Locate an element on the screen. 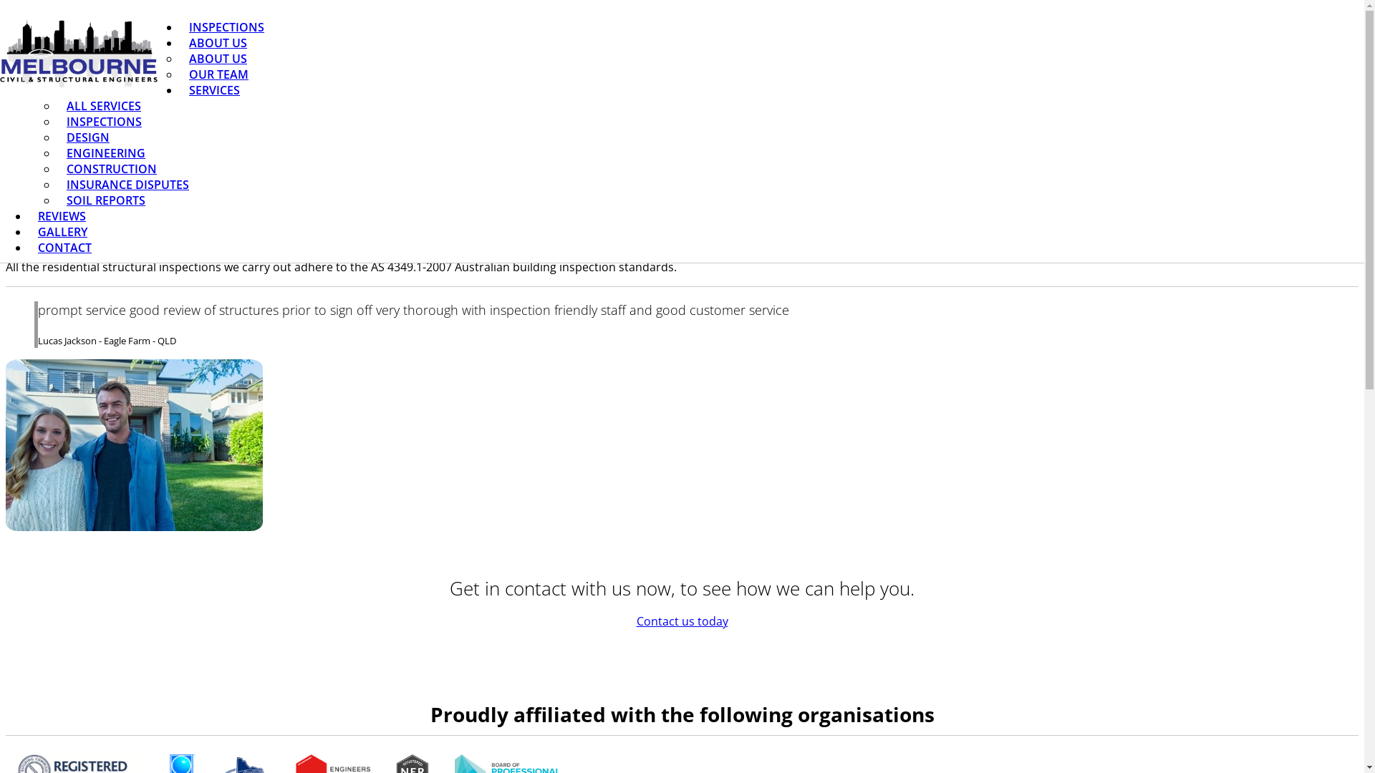 Image resolution: width=1375 pixels, height=773 pixels. 'OUR TEAM' is located at coordinates (218, 74).